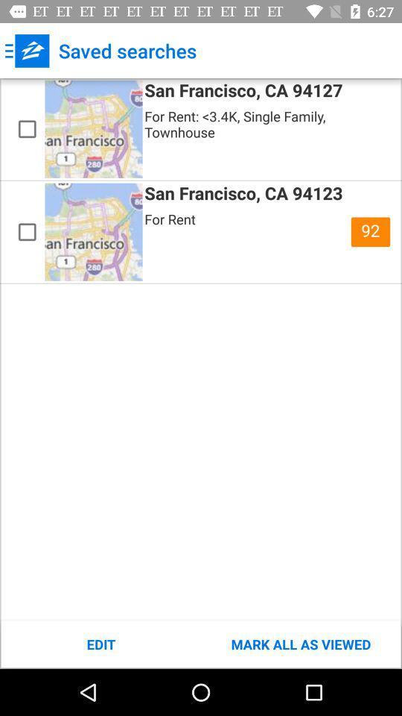 This screenshot has width=402, height=716. What do you see at coordinates (369, 232) in the screenshot?
I see `the icon to the right of the san francisco ca item` at bounding box center [369, 232].